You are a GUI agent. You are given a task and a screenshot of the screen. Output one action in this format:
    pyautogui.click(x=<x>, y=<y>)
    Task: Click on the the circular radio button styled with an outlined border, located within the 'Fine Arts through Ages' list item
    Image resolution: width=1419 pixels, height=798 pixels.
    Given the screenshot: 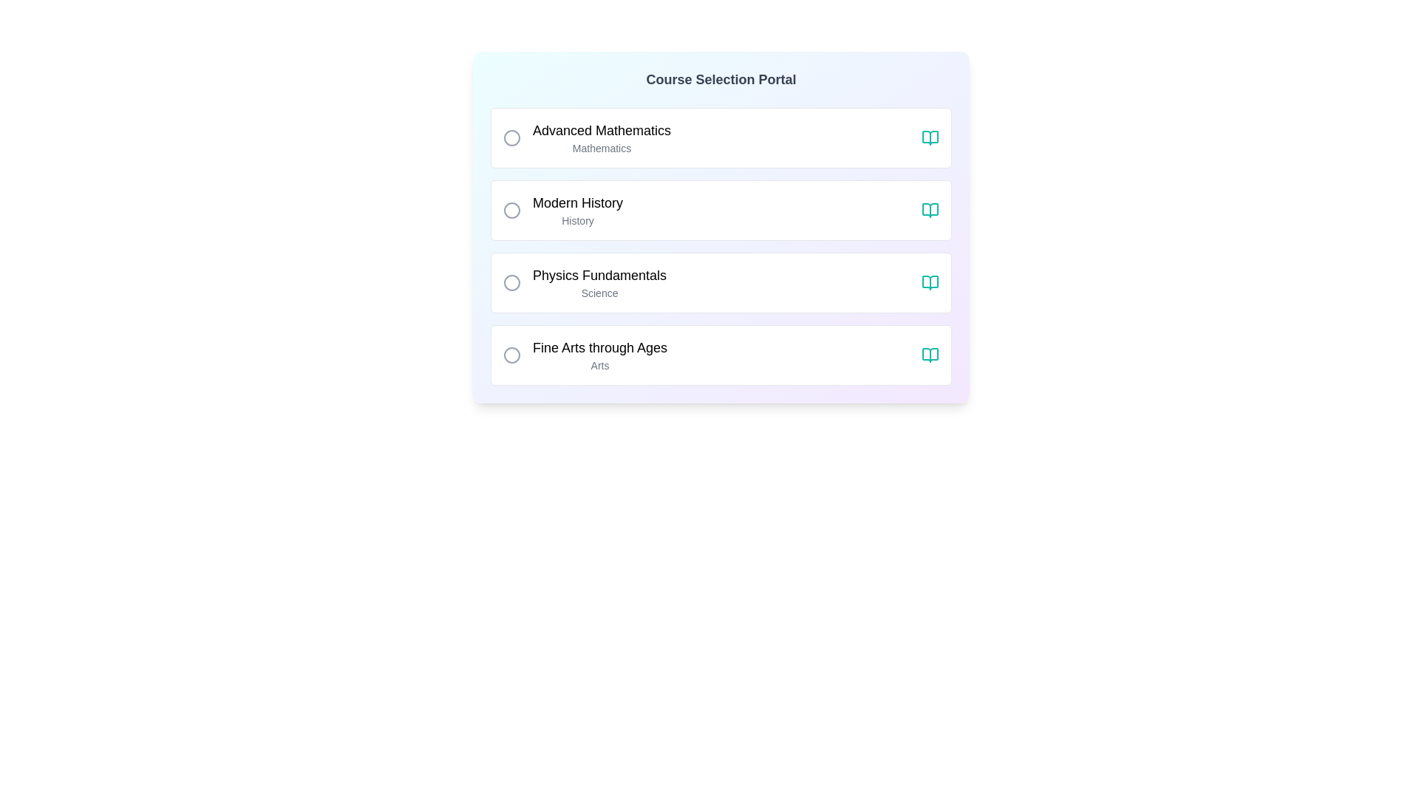 What is the action you would take?
    pyautogui.click(x=511, y=355)
    